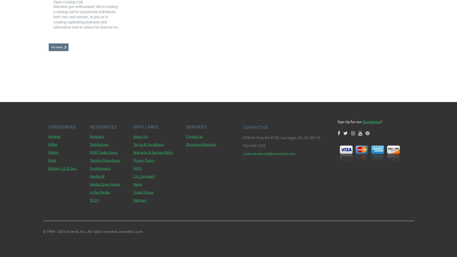 Image resolution: width=457 pixels, height=257 pixels. I want to click on 'Distributors', so click(99, 144).